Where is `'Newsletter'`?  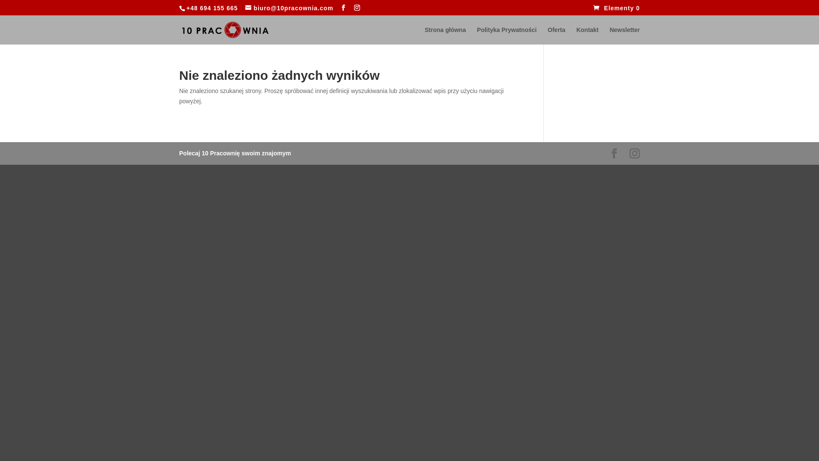 'Newsletter' is located at coordinates (624, 35).